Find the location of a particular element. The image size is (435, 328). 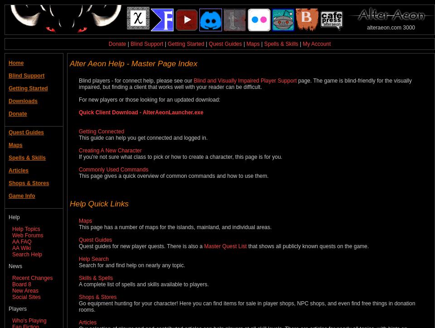

'Help Search' is located at coordinates (93, 258).